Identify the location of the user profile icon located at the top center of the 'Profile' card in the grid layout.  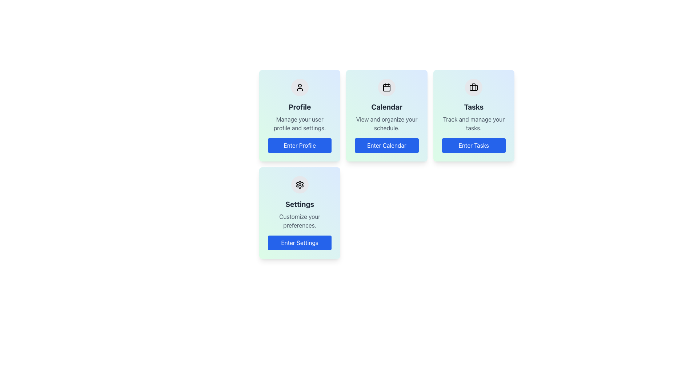
(300, 87).